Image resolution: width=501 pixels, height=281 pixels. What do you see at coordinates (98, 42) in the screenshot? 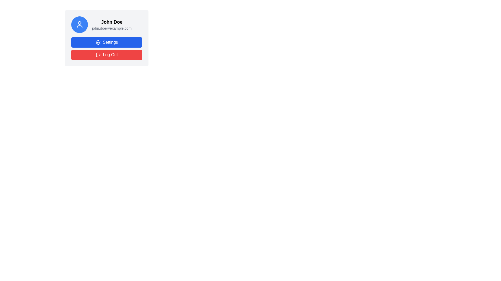
I see `the cog-like settings icon, which is visually blue and located between the 'Settings' button and the 'Log Out' button` at bounding box center [98, 42].